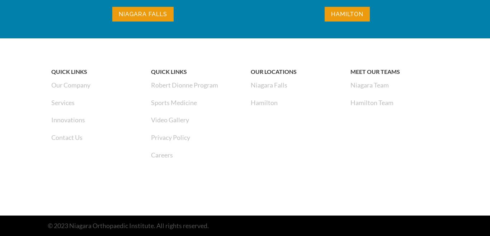 This screenshot has height=236, width=490. I want to click on 'Meet our Teams', so click(374, 71).